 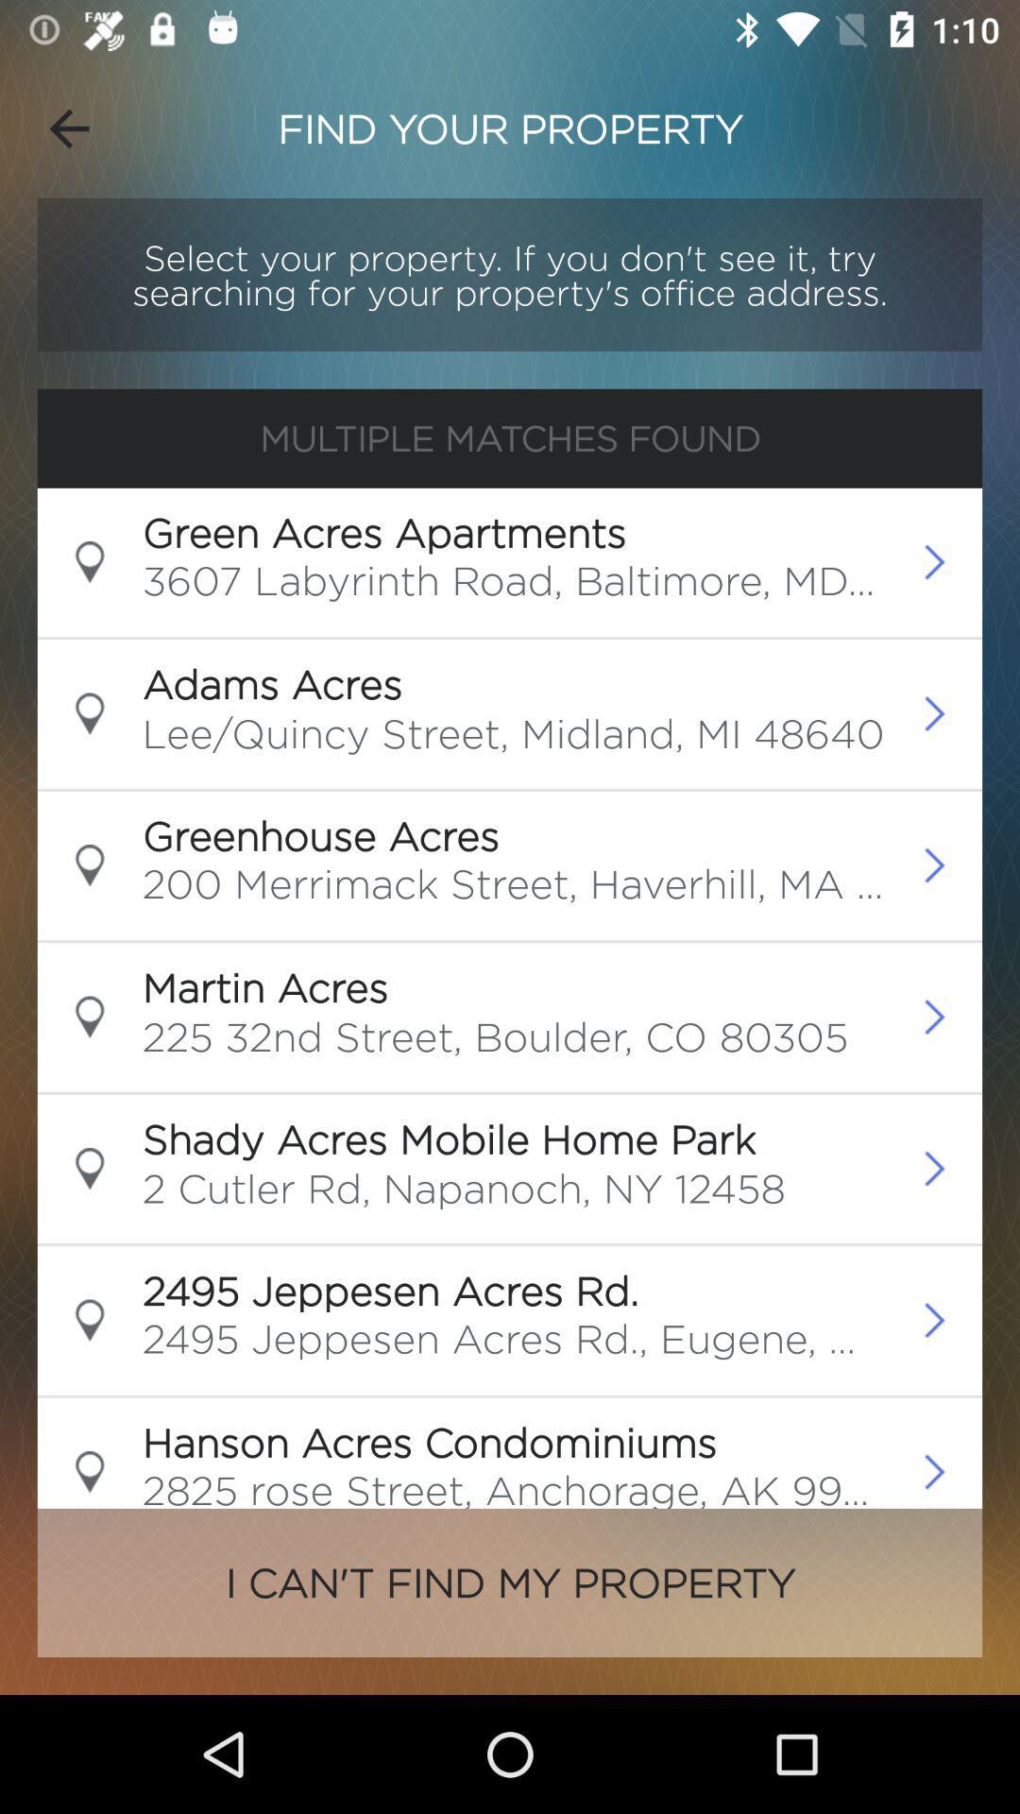 I want to click on the multiple matches found item, so click(x=510, y=437).